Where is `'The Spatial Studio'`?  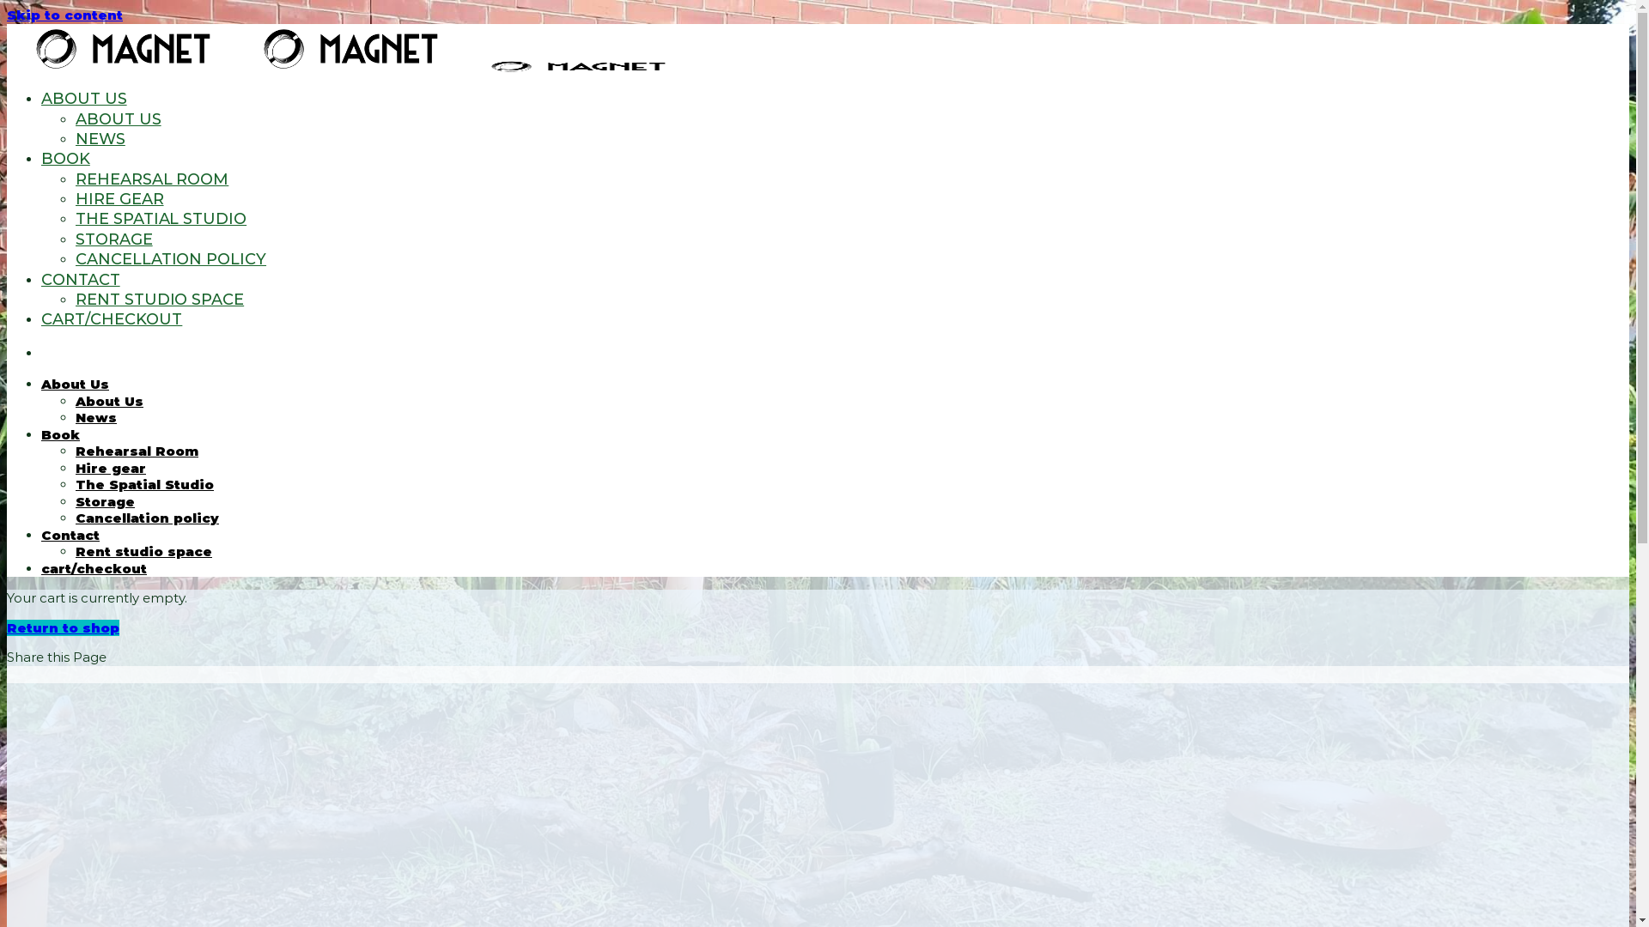 'The Spatial Studio' is located at coordinates (74, 484).